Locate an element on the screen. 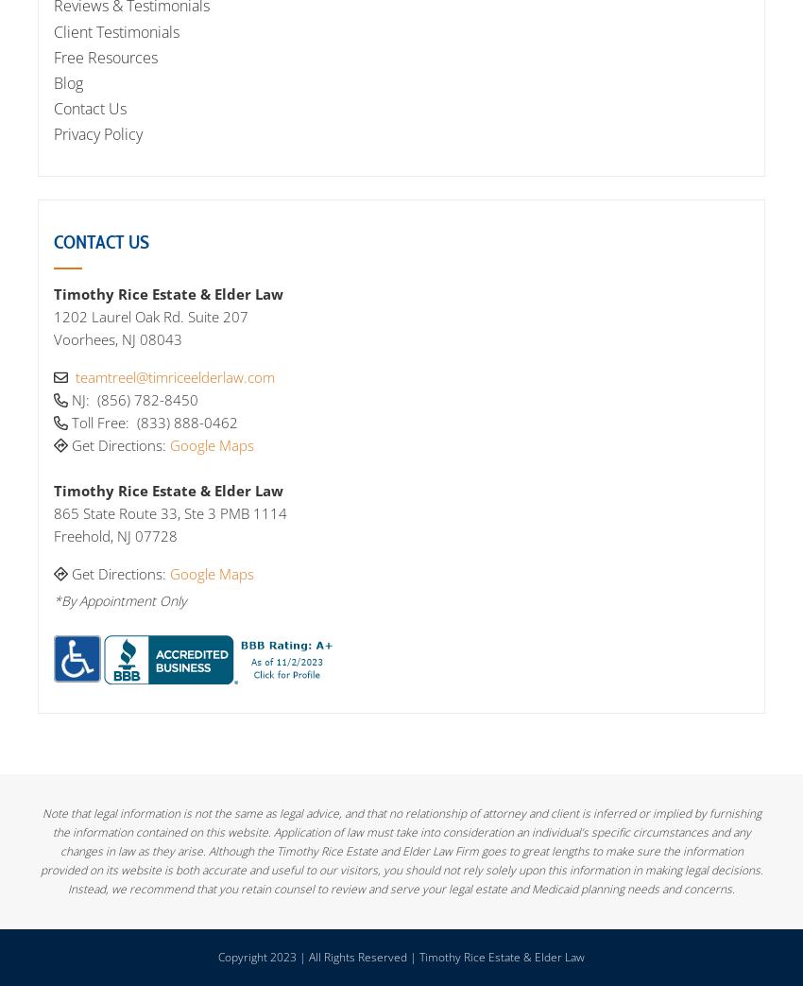  '(833) 888-0462' is located at coordinates (186, 421).